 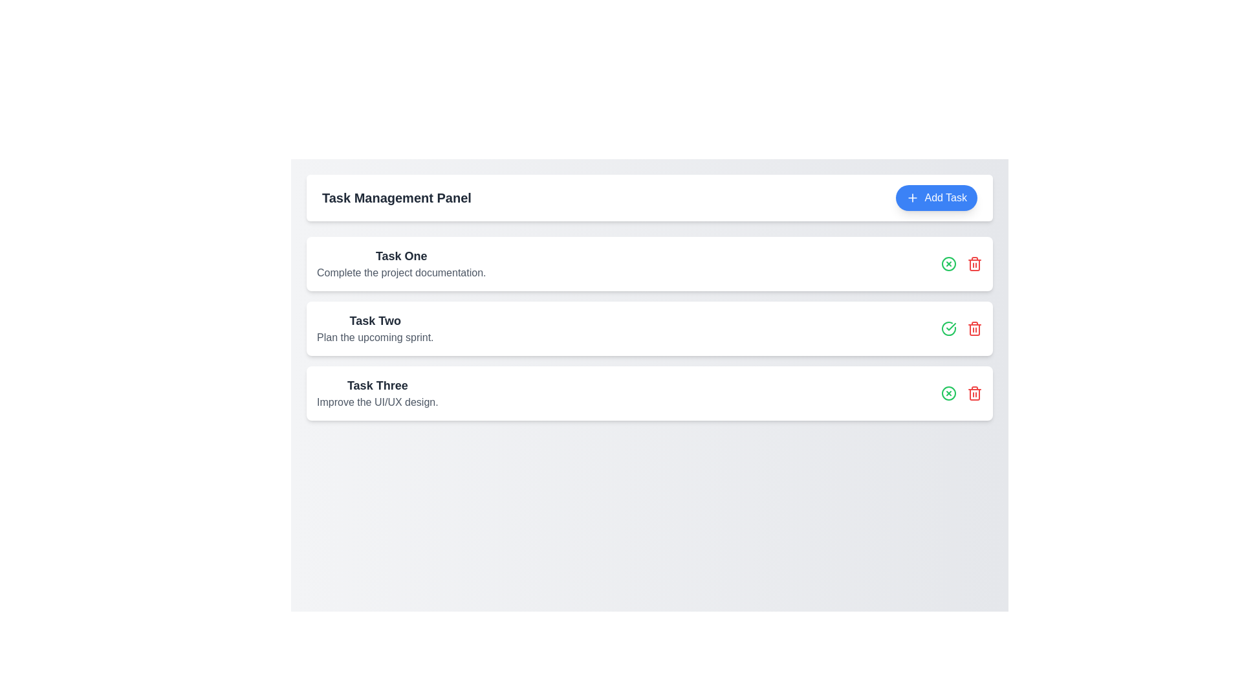 What do you see at coordinates (975, 263) in the screenshot?
I see `the interactive delete/trash icon located on the right side of the second task card in the task list` at bounding box center [975, 263].